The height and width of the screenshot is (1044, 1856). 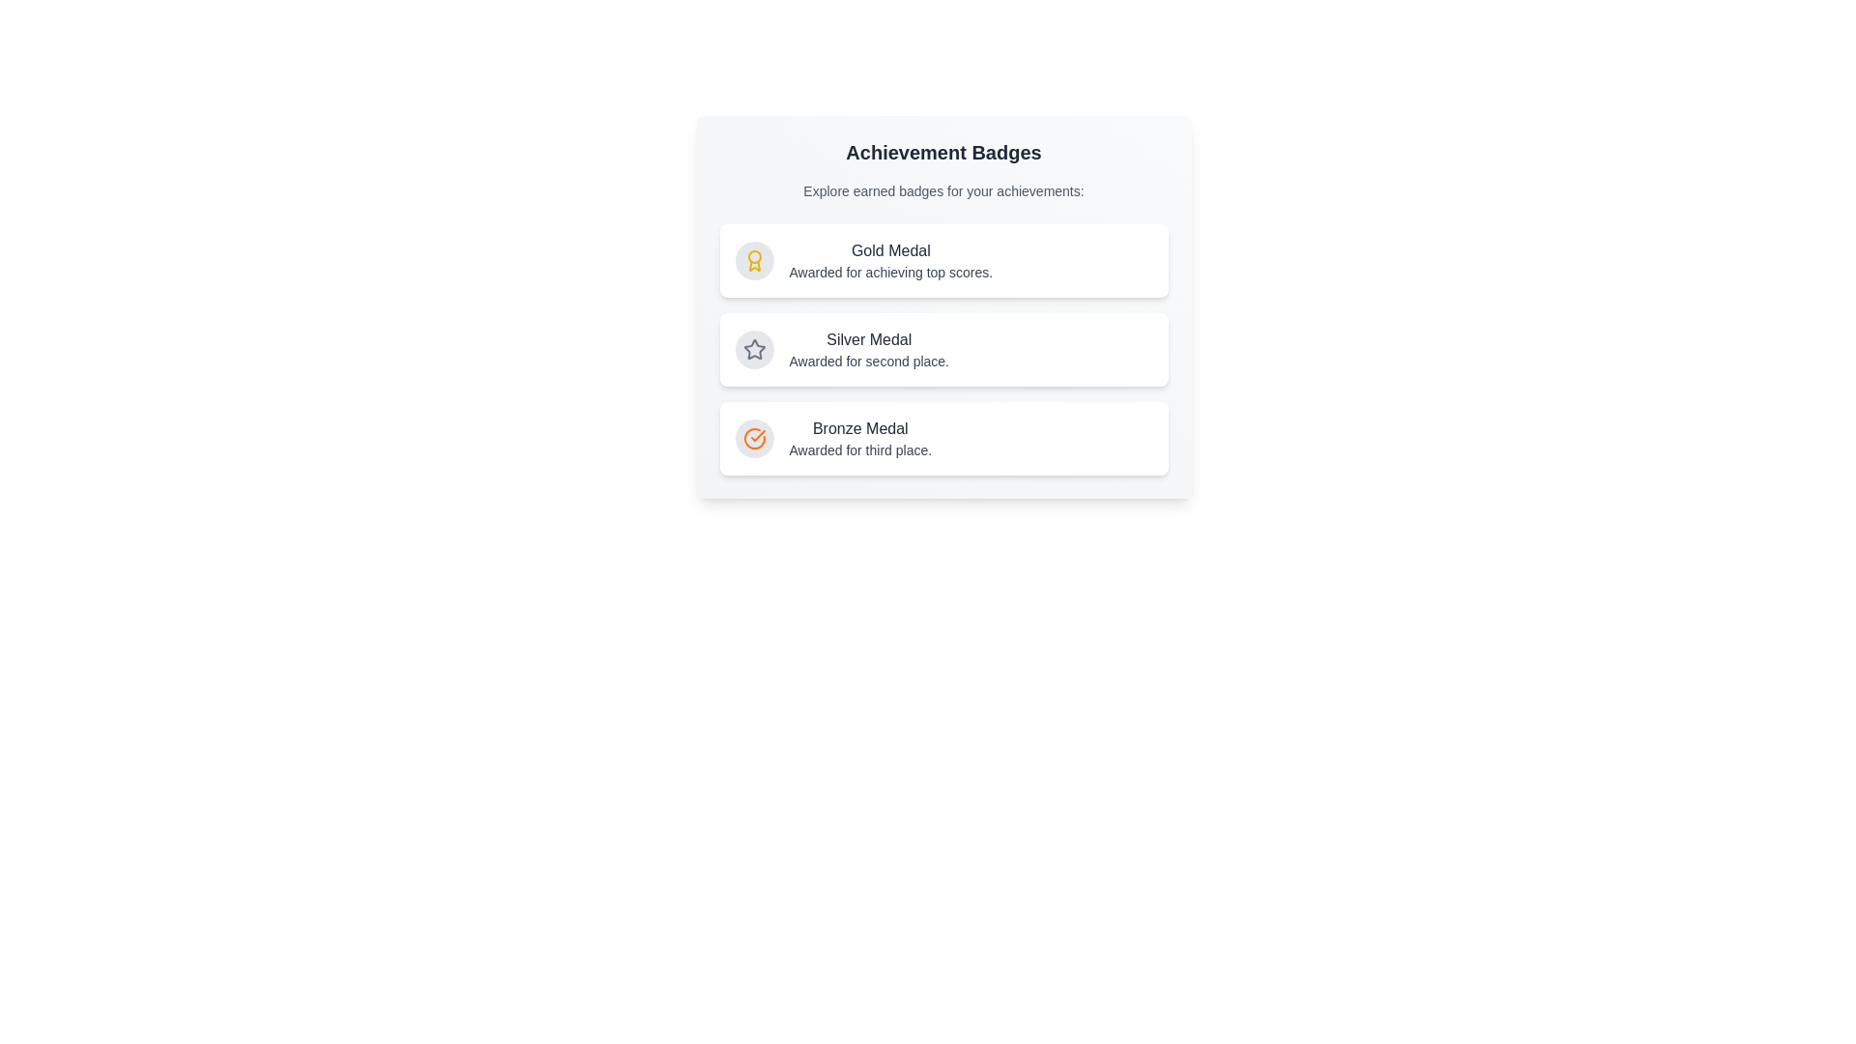 I want to click on SVG Circle element that visually represents a medal or achievement symbol, located at the center of the award icon to the left of the 'Gold Medal' label in the 'Gold Medal' badge, so click(x=753, y=256).